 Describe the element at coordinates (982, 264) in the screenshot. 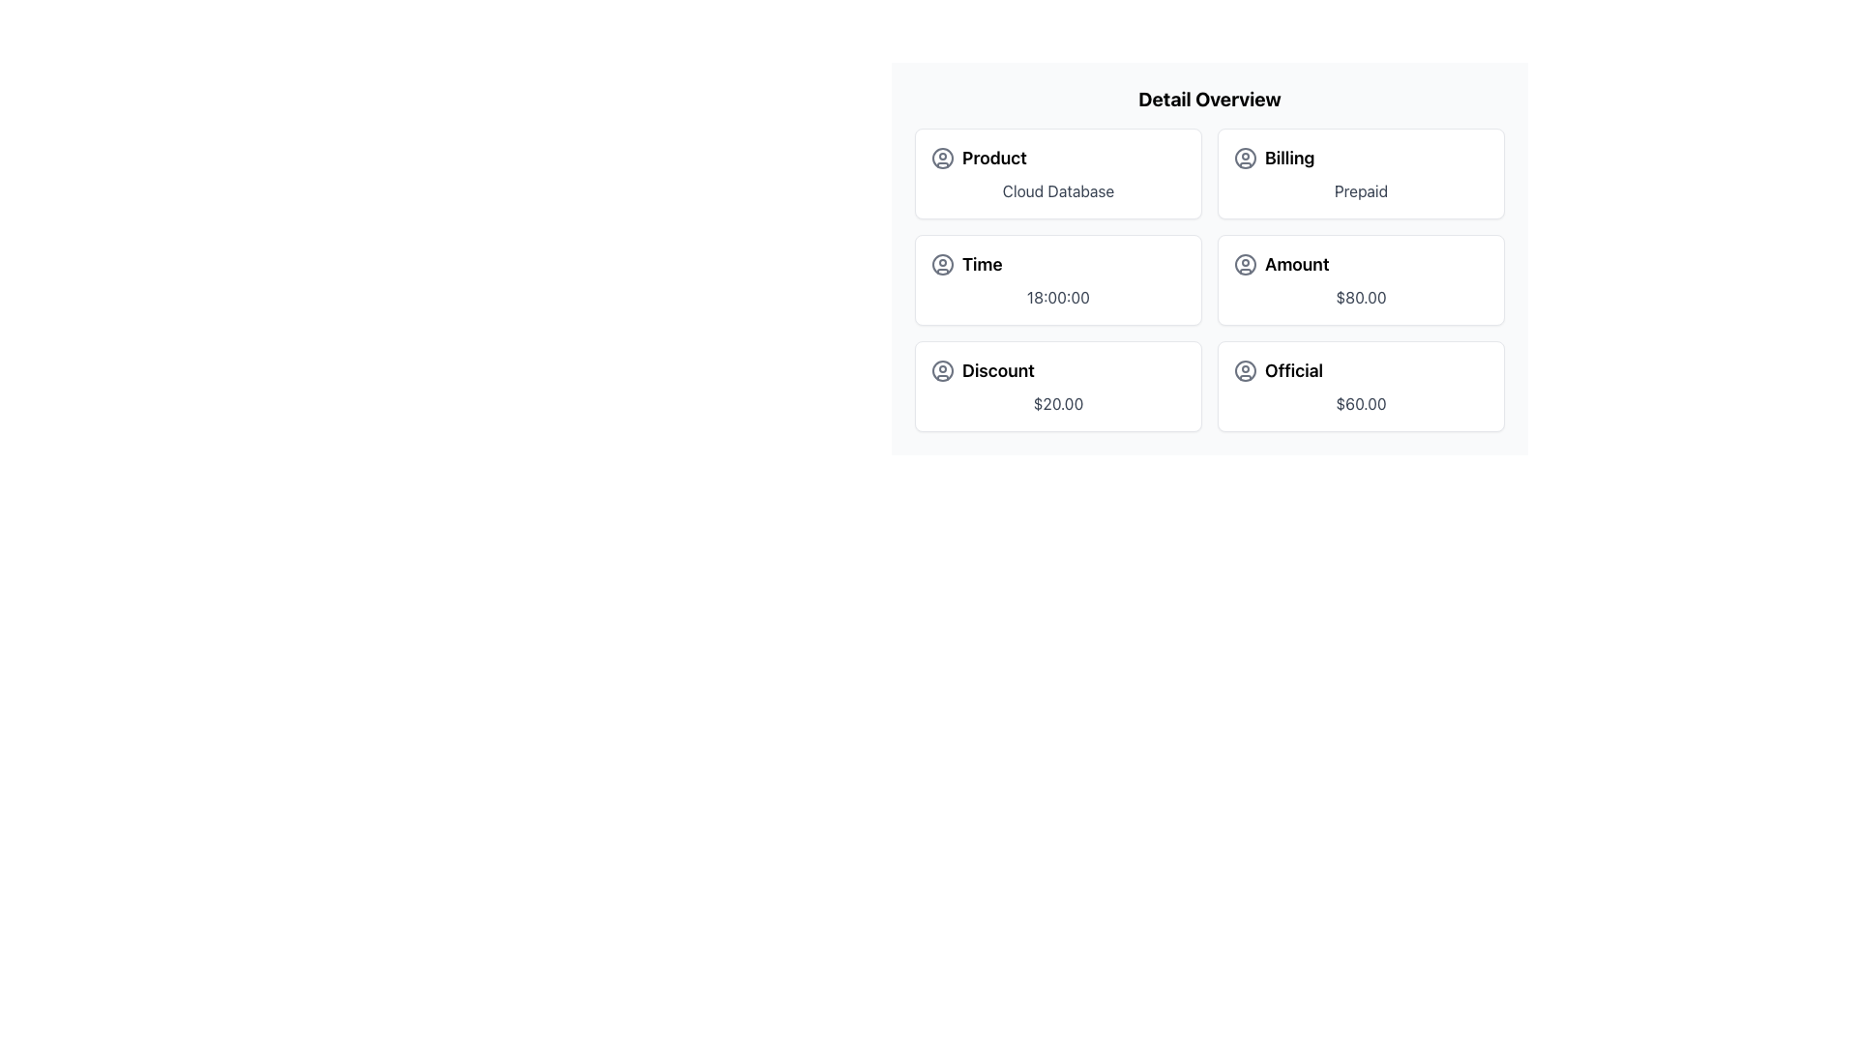

I see `the label that provides time-related information, located in the left column of the second row of a two-column grid layout, to the right of a circular user-profile-like icon` at that location.